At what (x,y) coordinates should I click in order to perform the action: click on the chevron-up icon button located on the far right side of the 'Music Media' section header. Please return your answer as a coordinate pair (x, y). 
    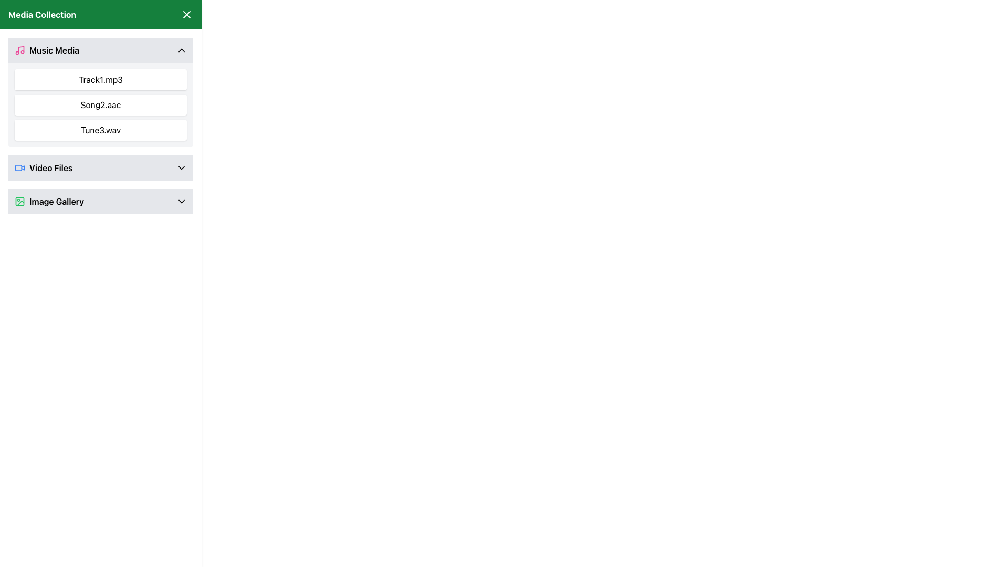
    Looking at the image, I should click on (181, 50).